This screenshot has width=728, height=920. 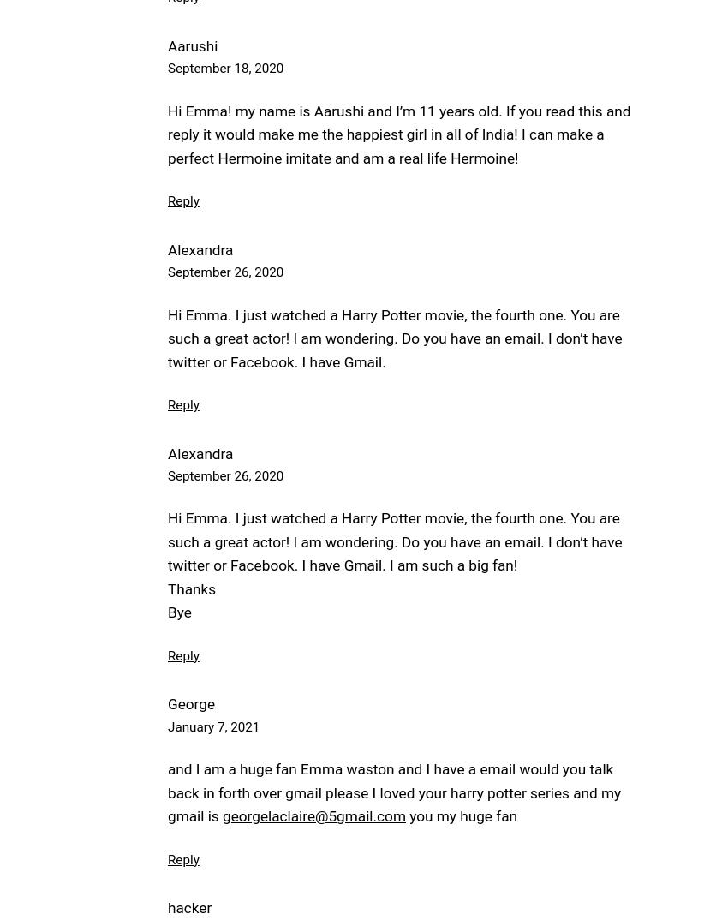 I want to click on 'September 18, 2020', so click(x=224, y=69).